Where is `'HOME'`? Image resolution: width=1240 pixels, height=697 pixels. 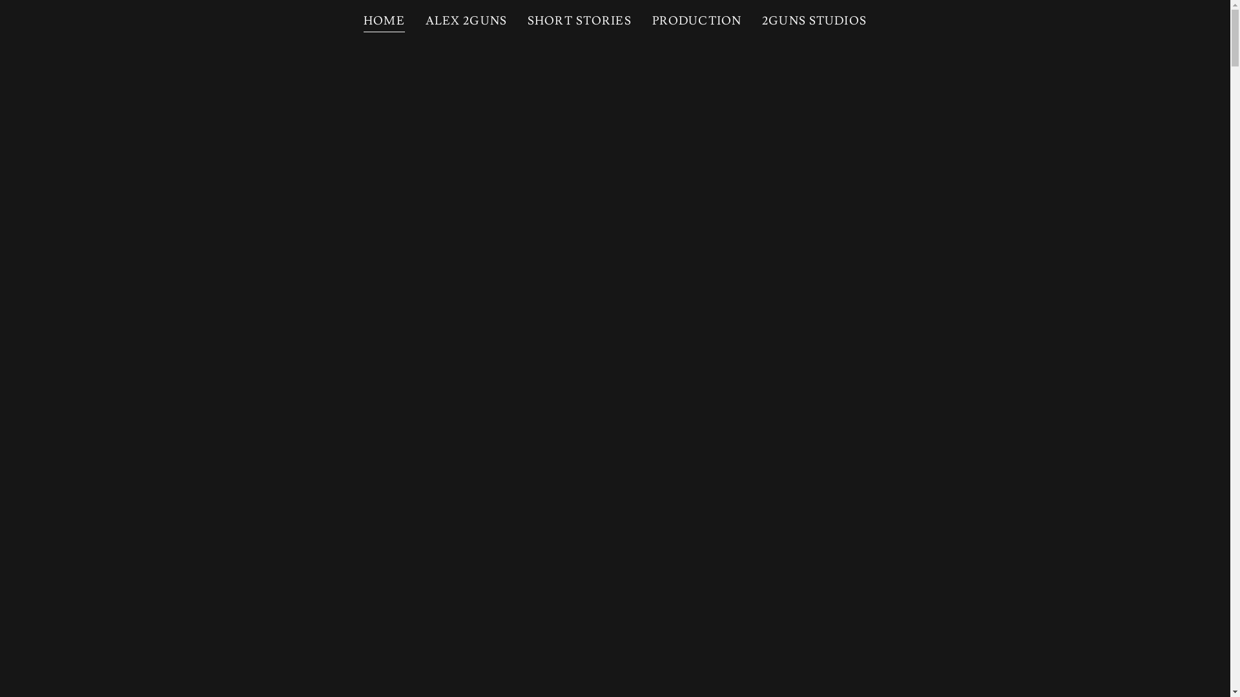
'HOME' is located at coordinates (384, 23).